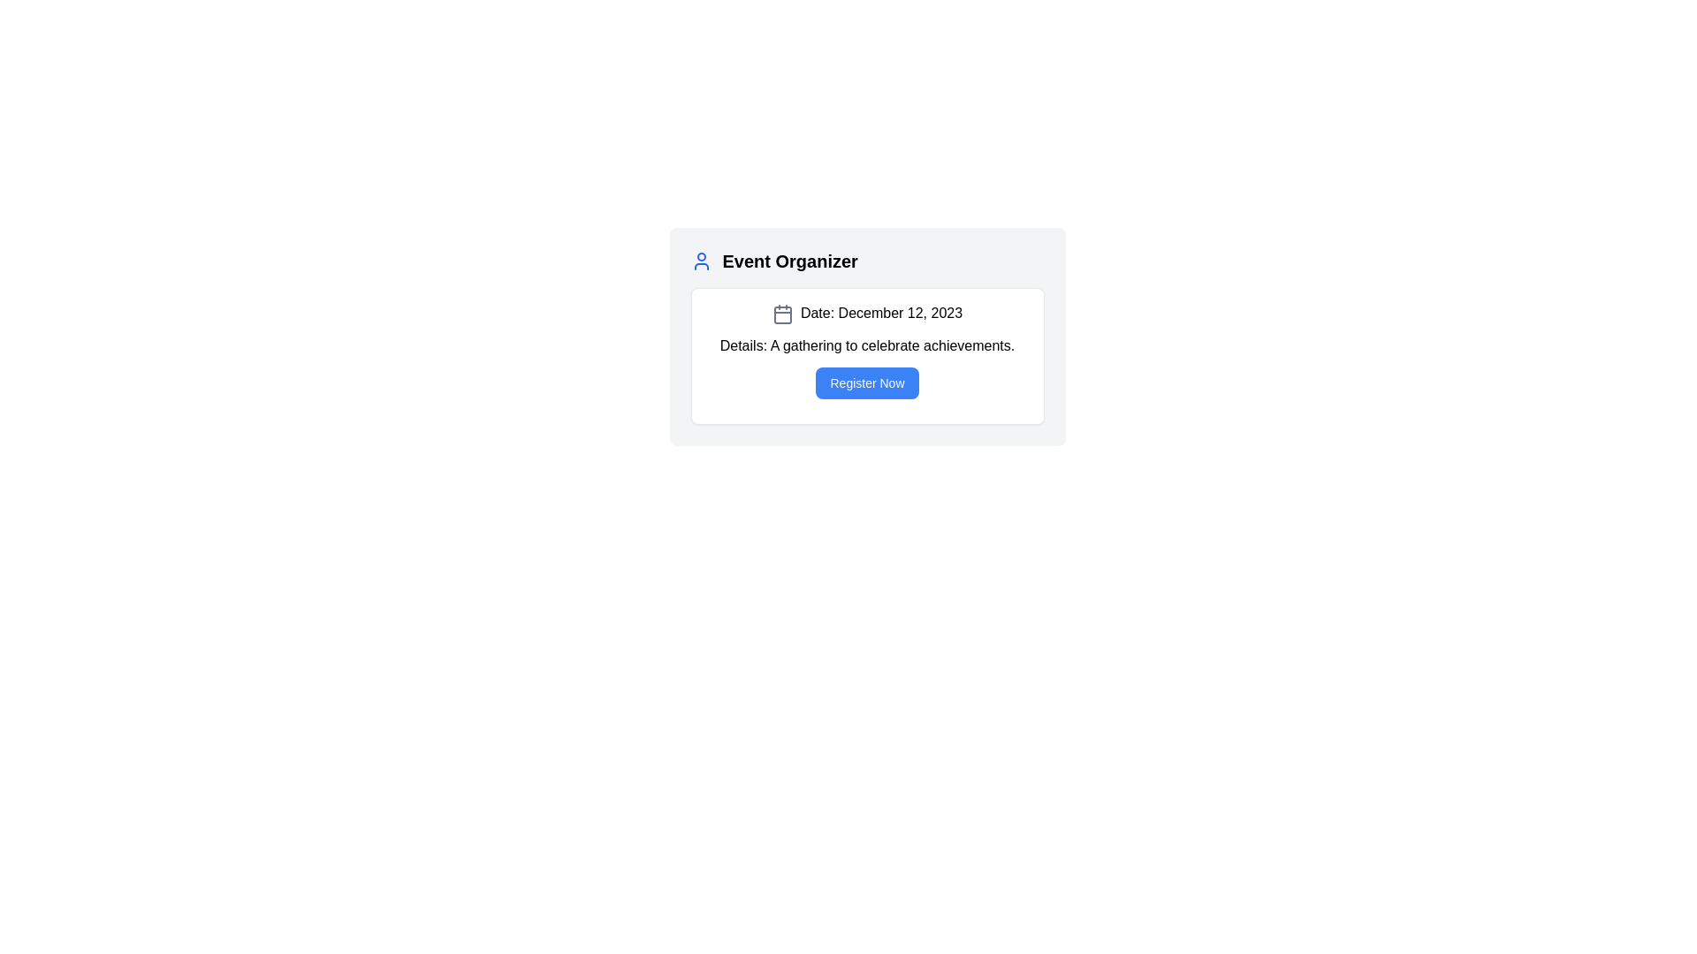  What do you see at coordinates (743, 345) in the screenshot?
I see `the text label displaying 'Details:' which is part of the description section in the information card` at bounding box center [743, 345].